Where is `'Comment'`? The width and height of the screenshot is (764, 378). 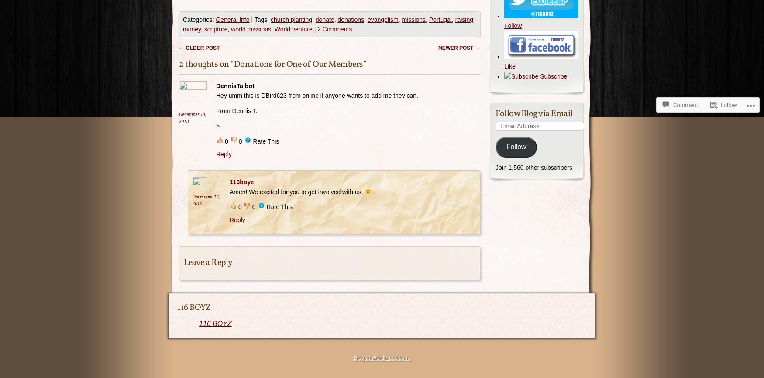
'Comment' is located at coordinates (672, 104).